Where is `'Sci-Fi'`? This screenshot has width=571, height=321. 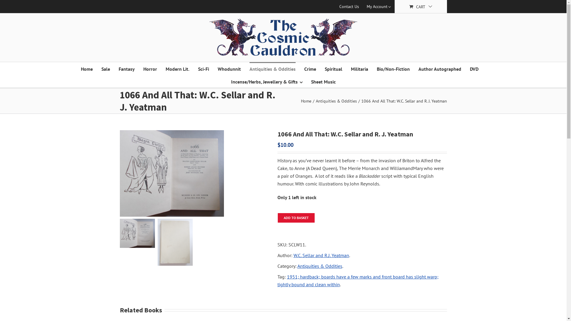 'Sci-Fi' is located at coordinates (203, 68).